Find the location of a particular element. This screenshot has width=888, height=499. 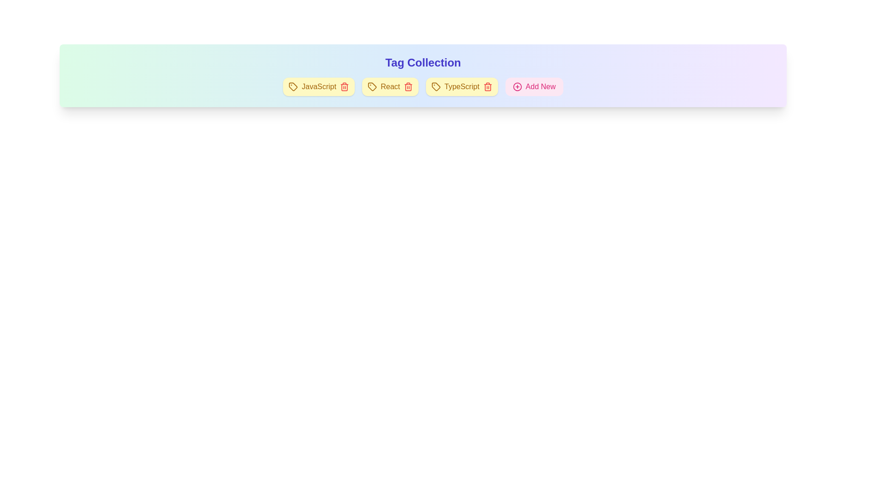

the SVG-based tag icon located within the 'TypeScript' tag in the tag collection section at the top of the interface is located at coordinates (435, 87).